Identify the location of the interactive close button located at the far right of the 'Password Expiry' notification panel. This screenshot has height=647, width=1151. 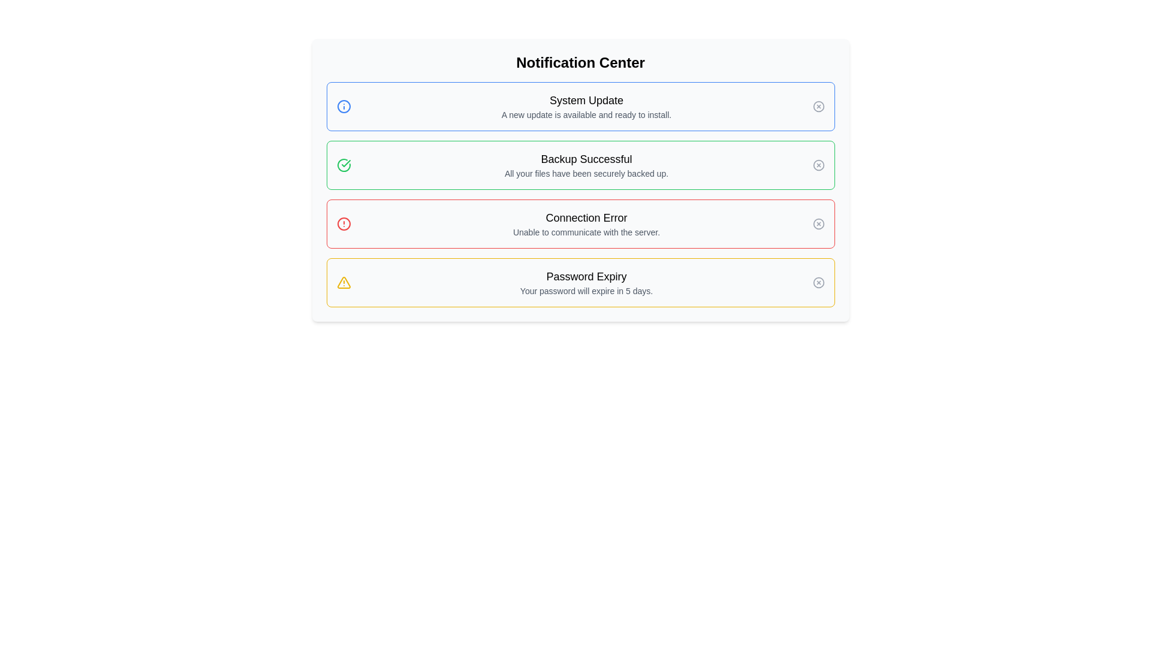
(818, 282).